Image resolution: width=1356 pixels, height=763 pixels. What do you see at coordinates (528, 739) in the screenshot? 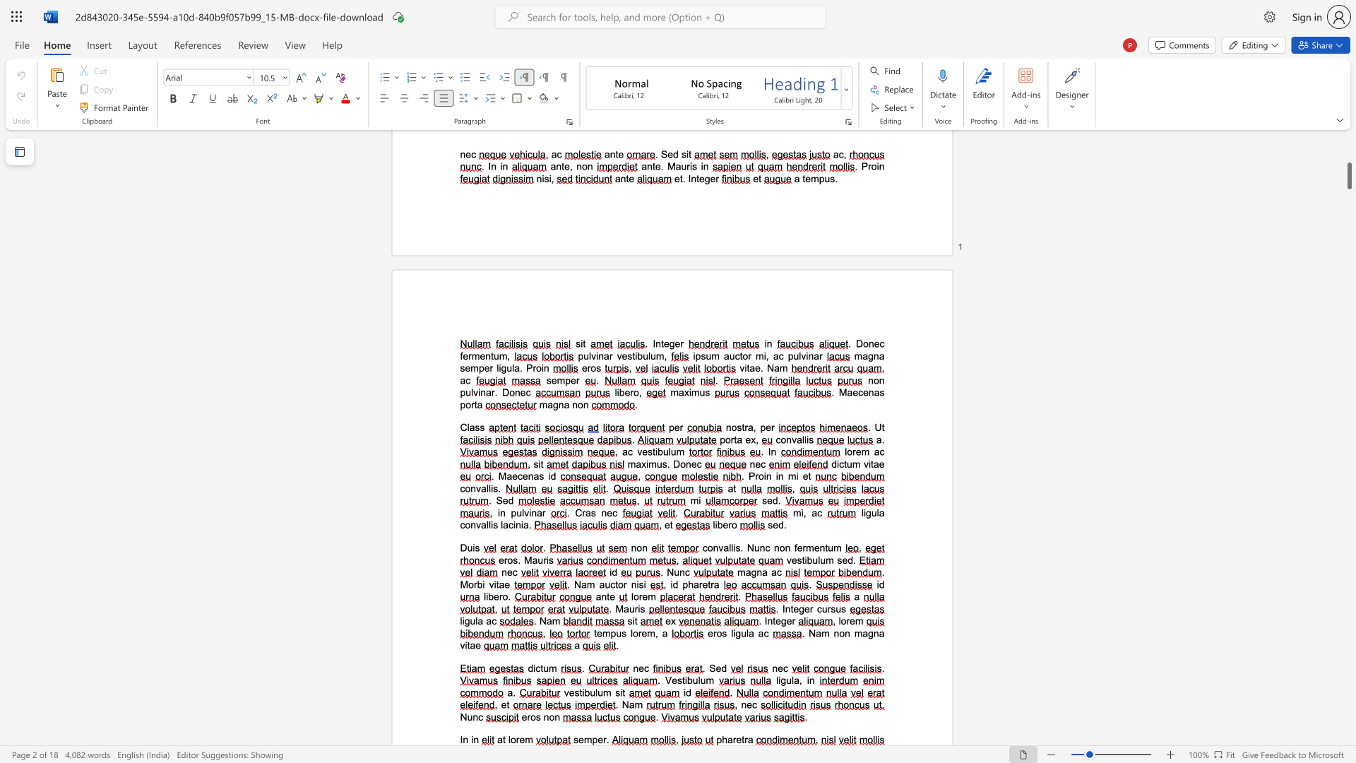
I see `the 1th character "m" in the text` at bounding box center [528, 739].